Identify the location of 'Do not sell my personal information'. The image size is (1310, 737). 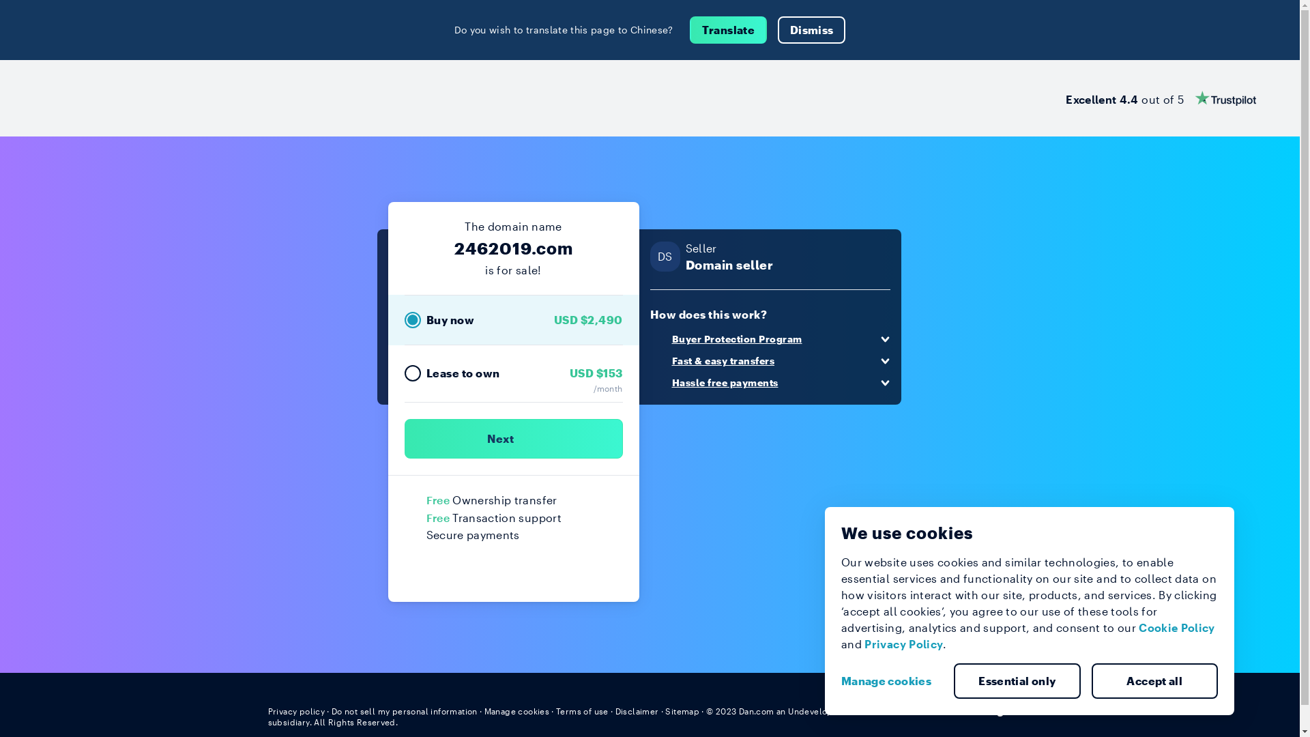
(331, 710).